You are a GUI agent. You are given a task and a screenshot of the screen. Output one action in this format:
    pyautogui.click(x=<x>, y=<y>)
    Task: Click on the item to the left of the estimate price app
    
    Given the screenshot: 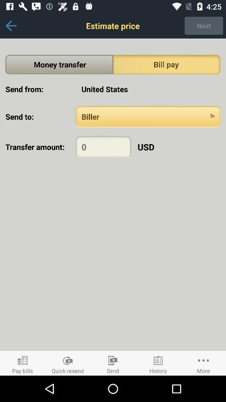 What is the action you would take?
    pyautogui.click(x=10, y=26)
    